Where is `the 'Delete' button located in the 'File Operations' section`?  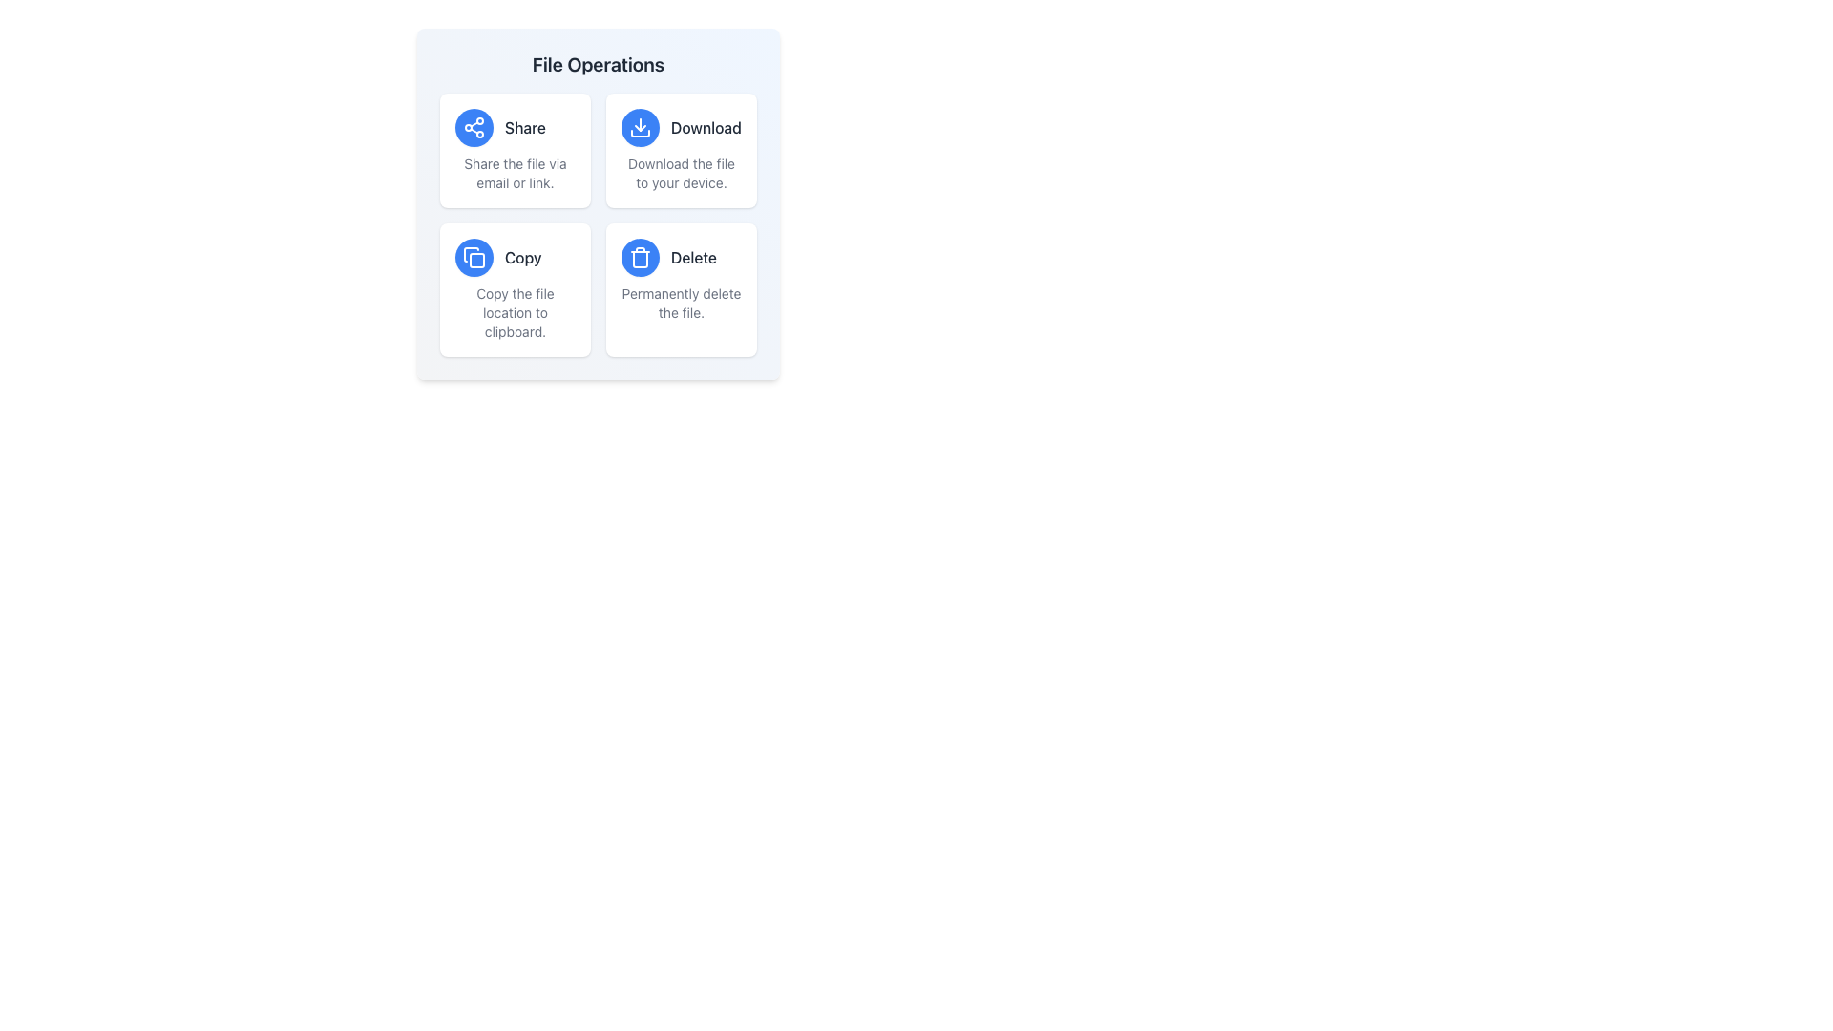 the 'Delete' button located in the 'File Operations' section is located at coordinates (641, 258).